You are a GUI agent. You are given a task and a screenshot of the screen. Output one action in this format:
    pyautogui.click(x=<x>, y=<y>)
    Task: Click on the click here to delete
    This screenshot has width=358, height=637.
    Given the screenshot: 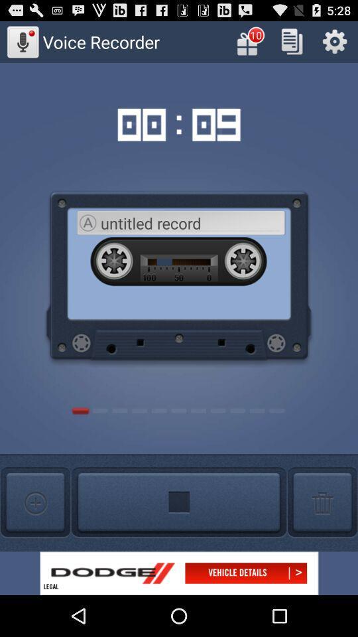 What is the action you would take?
    pyautogui.click(x=322, y=502)
    